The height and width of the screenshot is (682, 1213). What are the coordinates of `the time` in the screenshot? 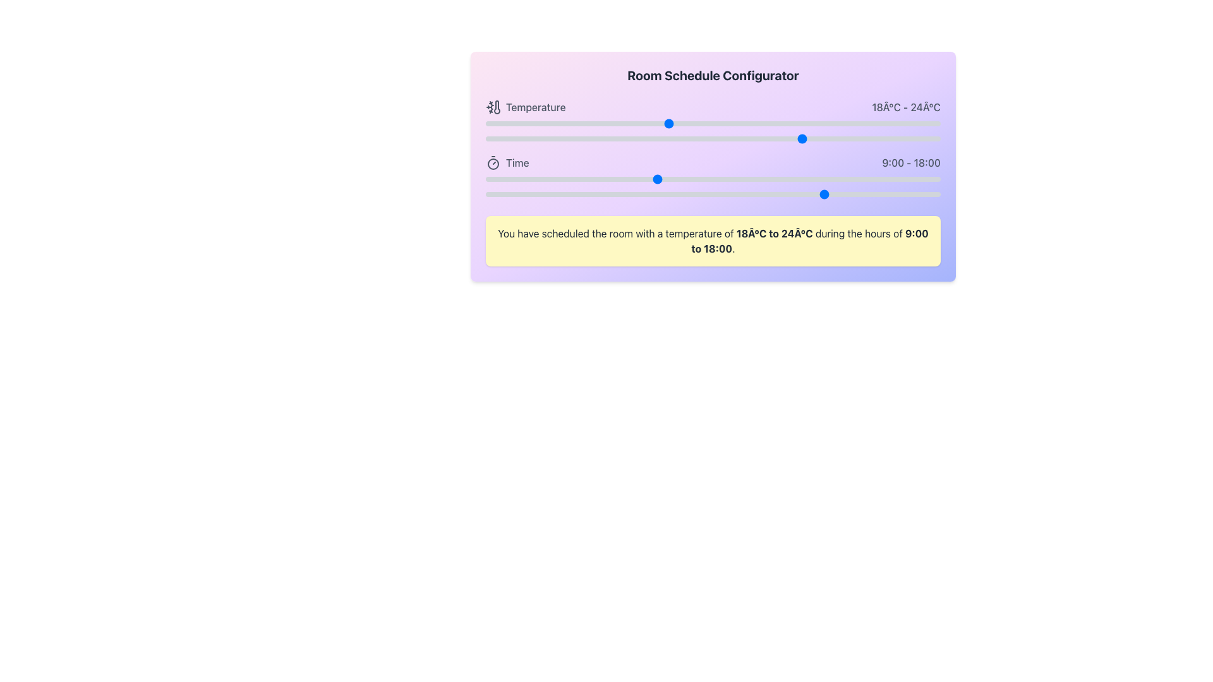 It's located at (864, 194).